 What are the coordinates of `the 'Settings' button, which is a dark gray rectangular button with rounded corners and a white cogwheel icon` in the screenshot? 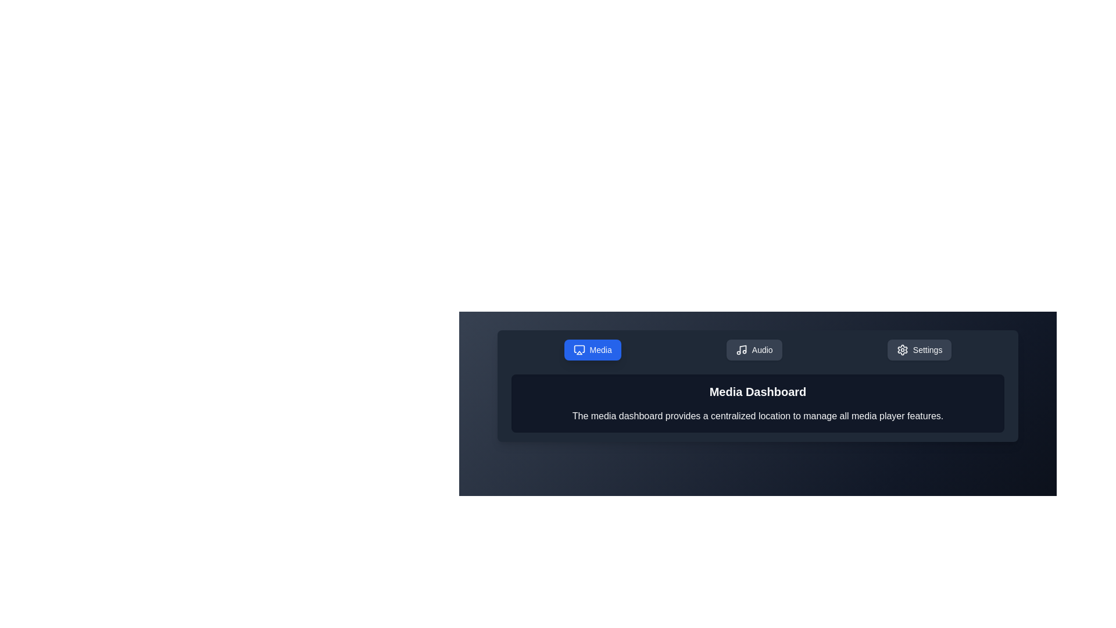 It's located at (919, 349).